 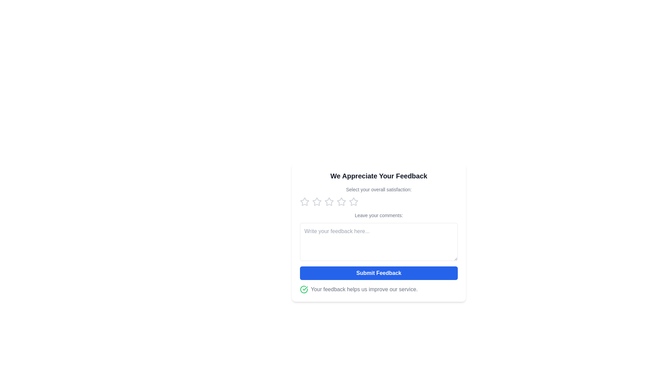 I want to click on the informational text element with an icon located at the bottom of the feedback form, just below the 'Submit Feedback' button, so click(x=378, y=290).